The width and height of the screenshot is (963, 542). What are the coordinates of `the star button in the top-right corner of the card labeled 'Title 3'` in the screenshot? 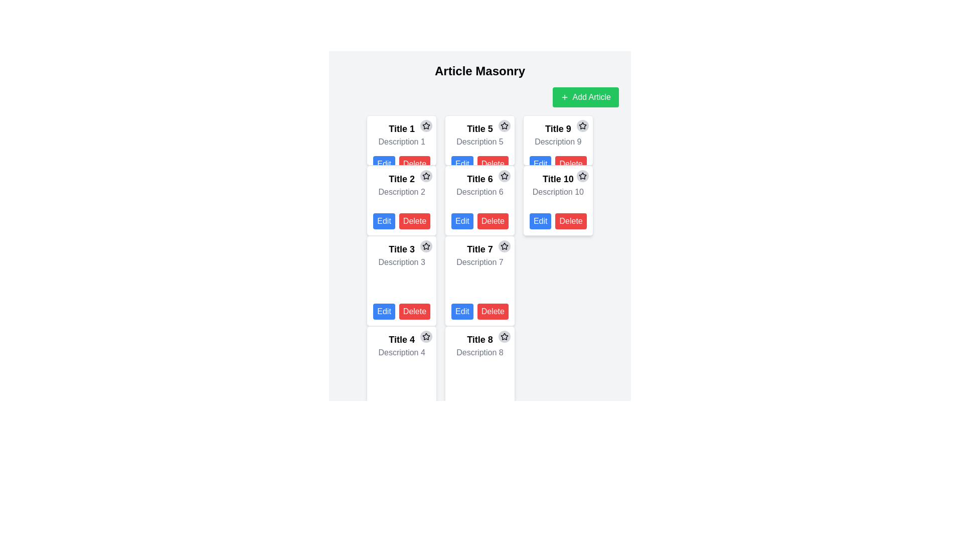 It's located at (426, 246).